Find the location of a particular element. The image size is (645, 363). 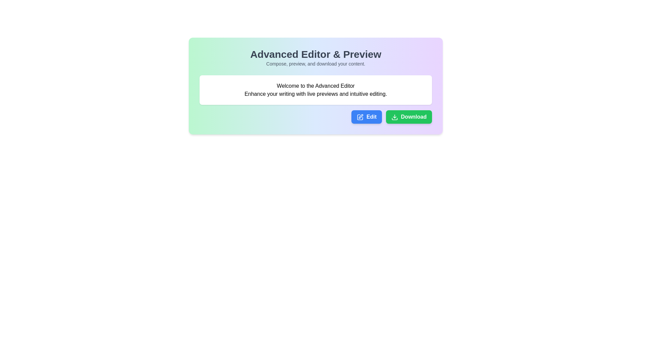

the static text block that reads 'Enhance your writing with live previews and intuitive editing.' It is located directly below the header 'Welcome to the Advanced Editor' within a white rectangular area is located at coordinates (315, 94).